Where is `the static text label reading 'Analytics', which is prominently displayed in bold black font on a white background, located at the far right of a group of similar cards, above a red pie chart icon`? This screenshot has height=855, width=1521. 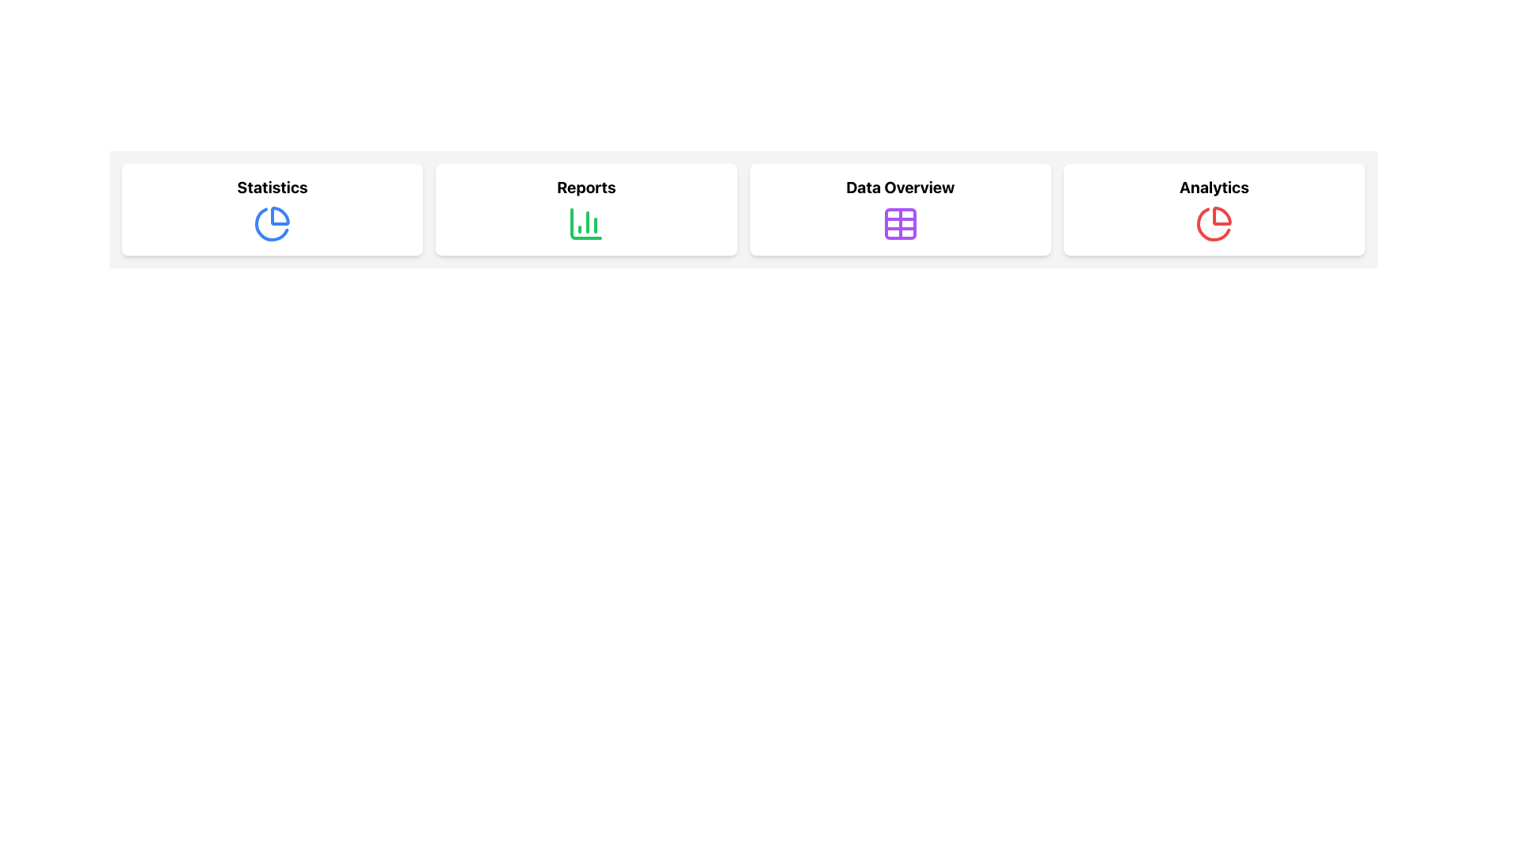 the static text label reading 'Analytics', which is prominently displayed in bold black font on a white background, located at the far right of a group of similar cards, above a red pie chart icon is located at coordinates (1213, 186).